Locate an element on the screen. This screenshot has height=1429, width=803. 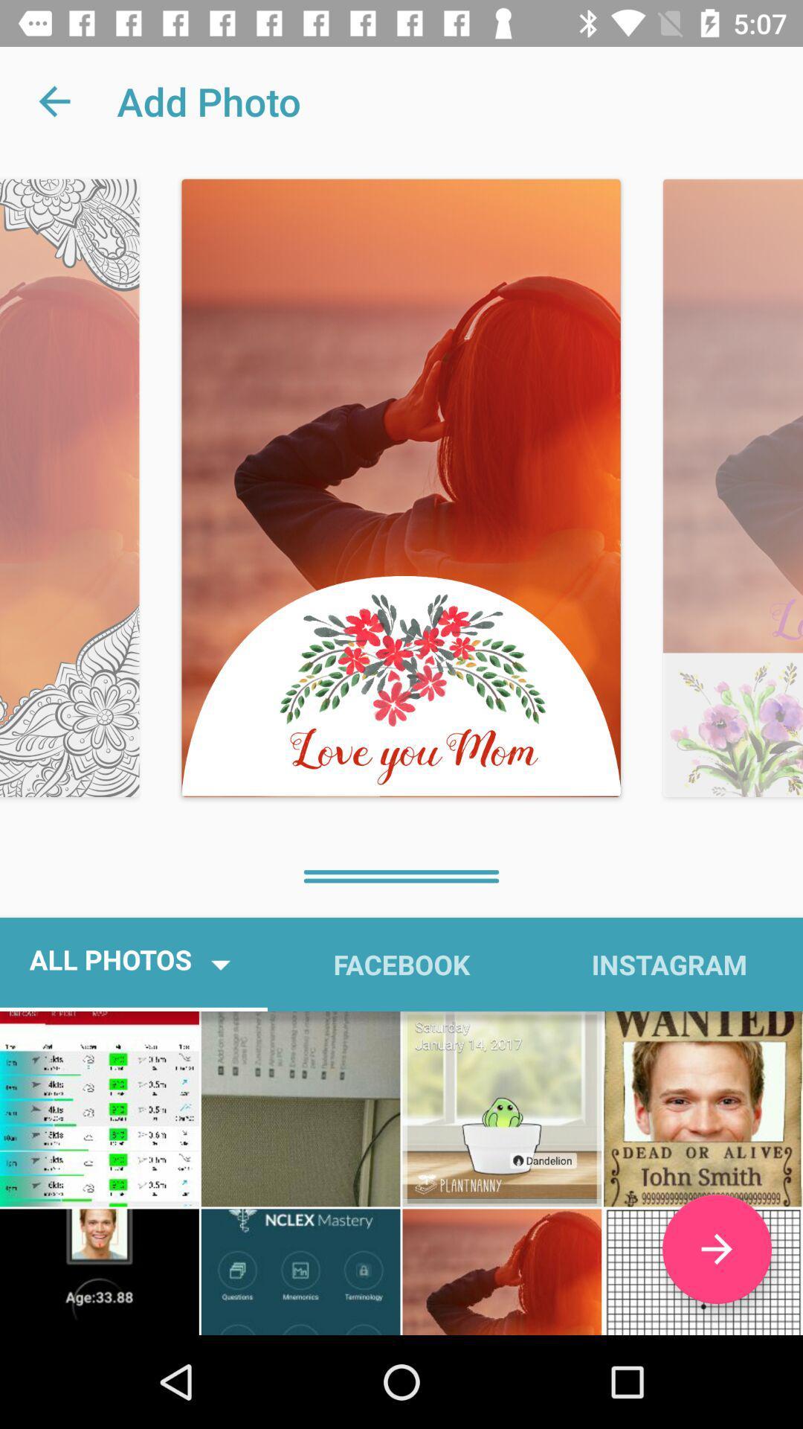
item below the instagram icon is located at coordinates (716, 1249).